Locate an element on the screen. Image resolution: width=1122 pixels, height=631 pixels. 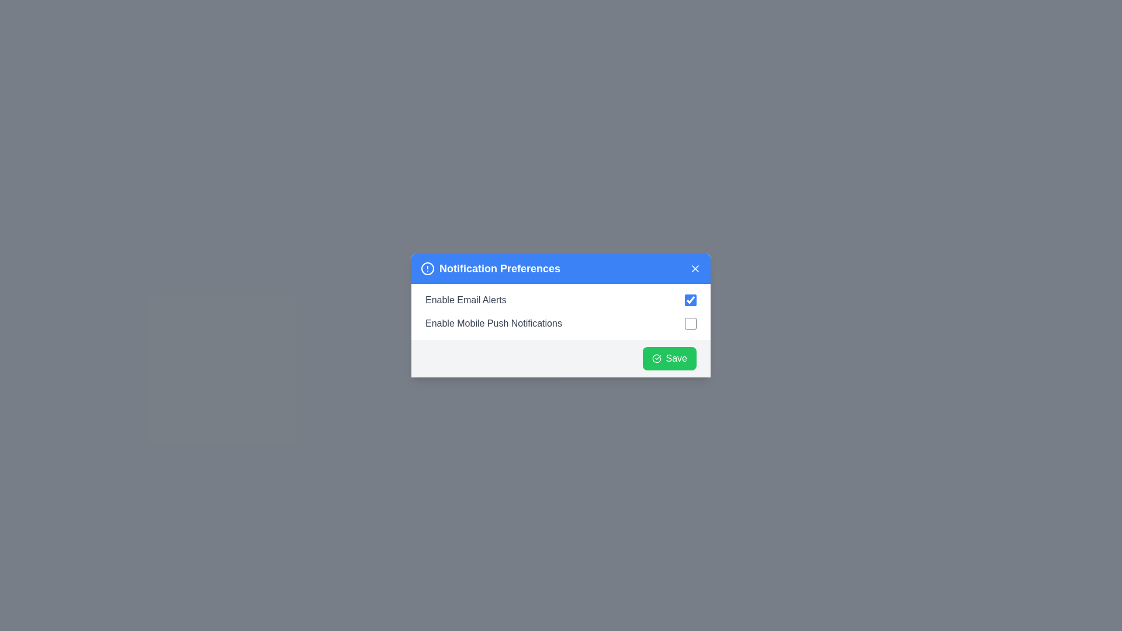
the distinct save button located is located at coordinates (669, 358).